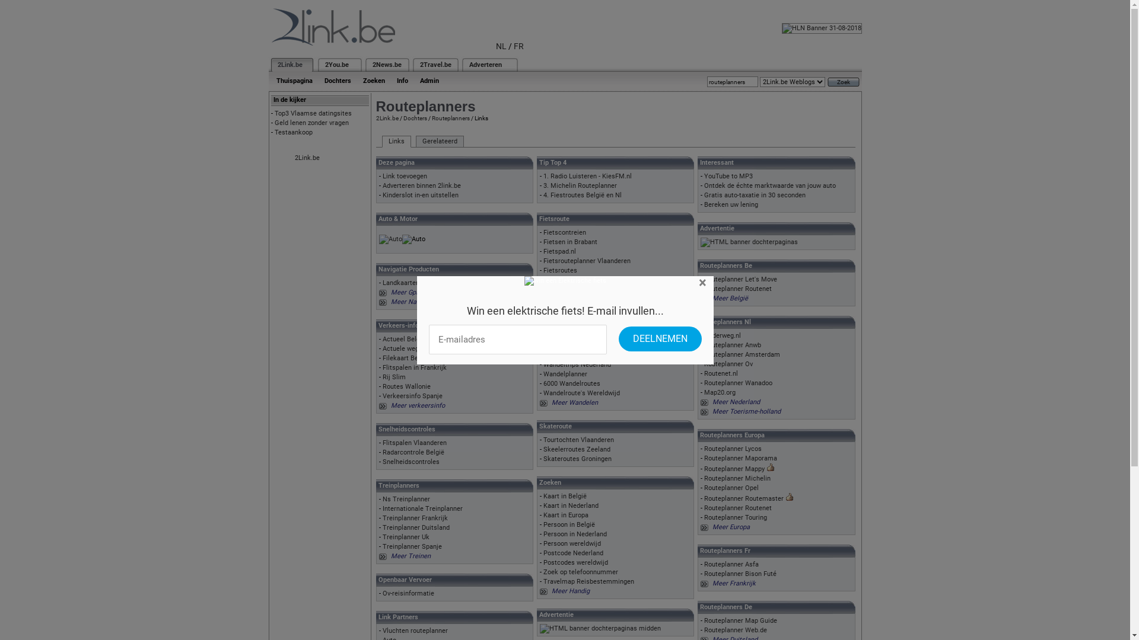 Image resolution: width=1139 pixels, height=640 pixels. What do you see at coordinates (387, 65) in the screenshot?
I see `'2News.be'` at bounding box center [387, 65].